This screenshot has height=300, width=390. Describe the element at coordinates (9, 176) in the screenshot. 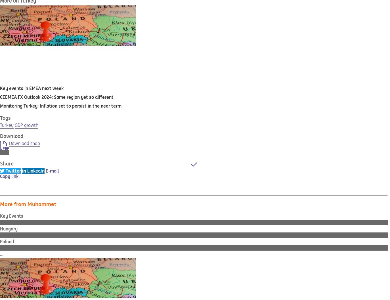

I see `'Copy link'` at that location.